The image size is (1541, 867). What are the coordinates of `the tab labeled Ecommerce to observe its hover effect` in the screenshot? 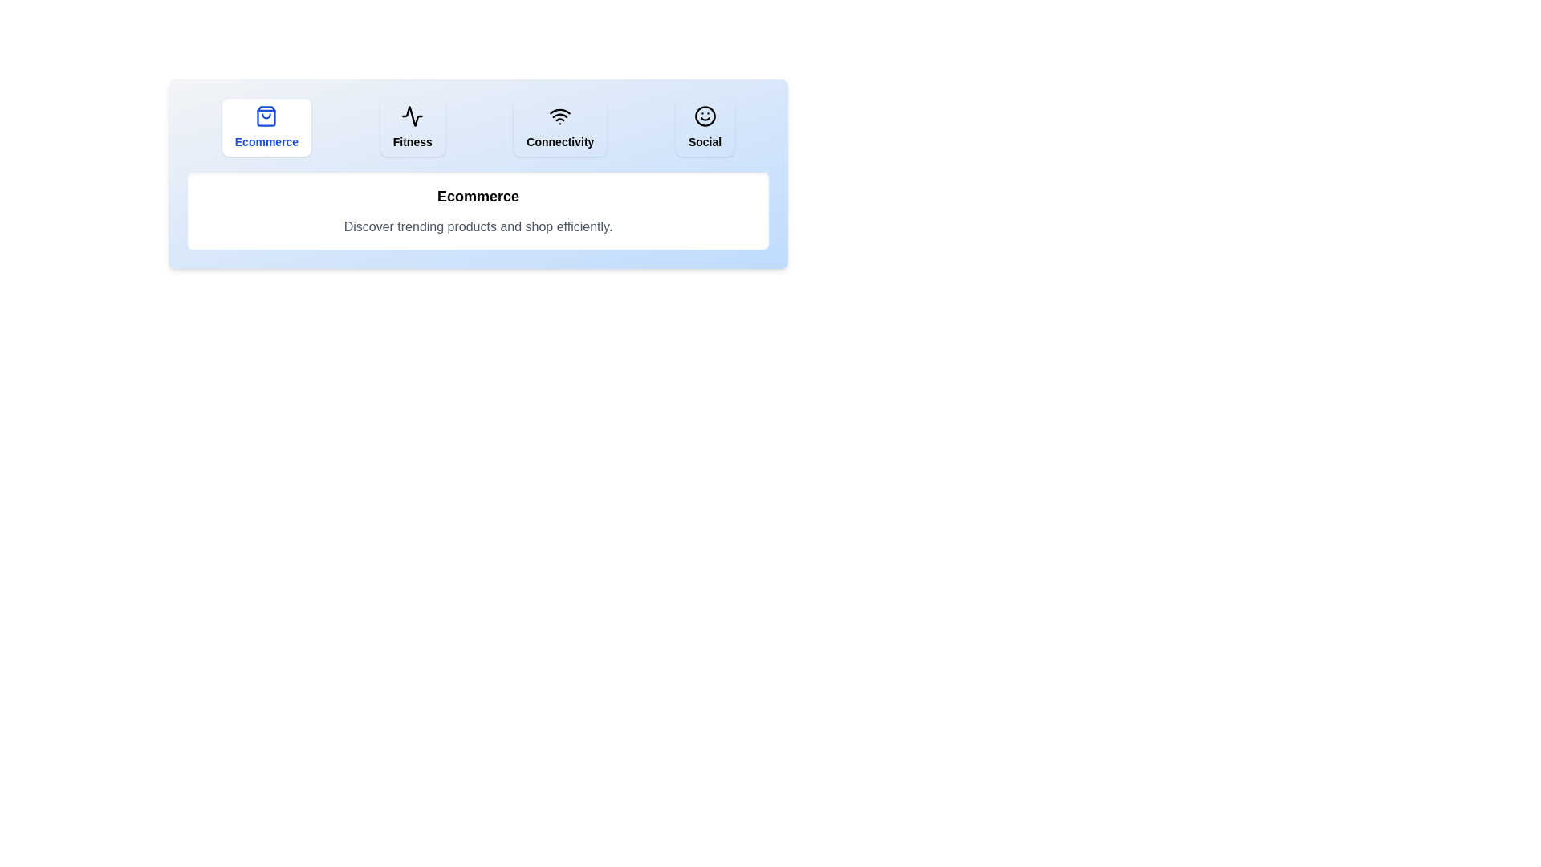 It's located at (266, 126).